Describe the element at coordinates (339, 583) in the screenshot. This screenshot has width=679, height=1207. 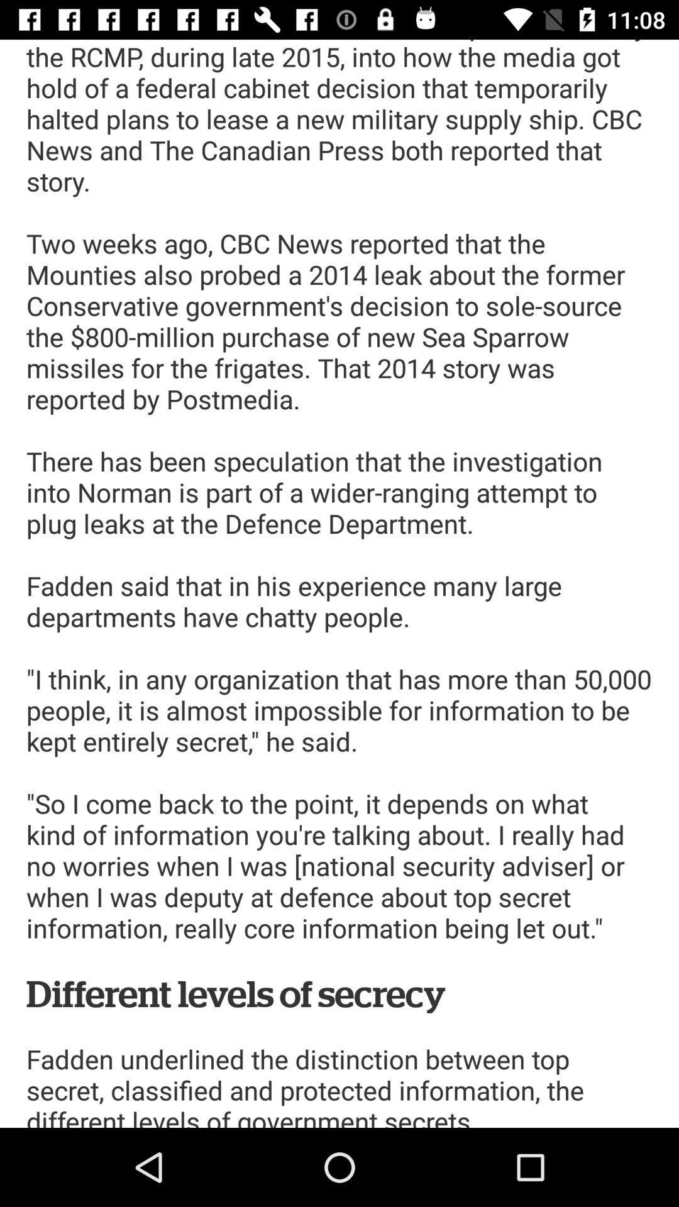
I see `i think that icon` at that location.